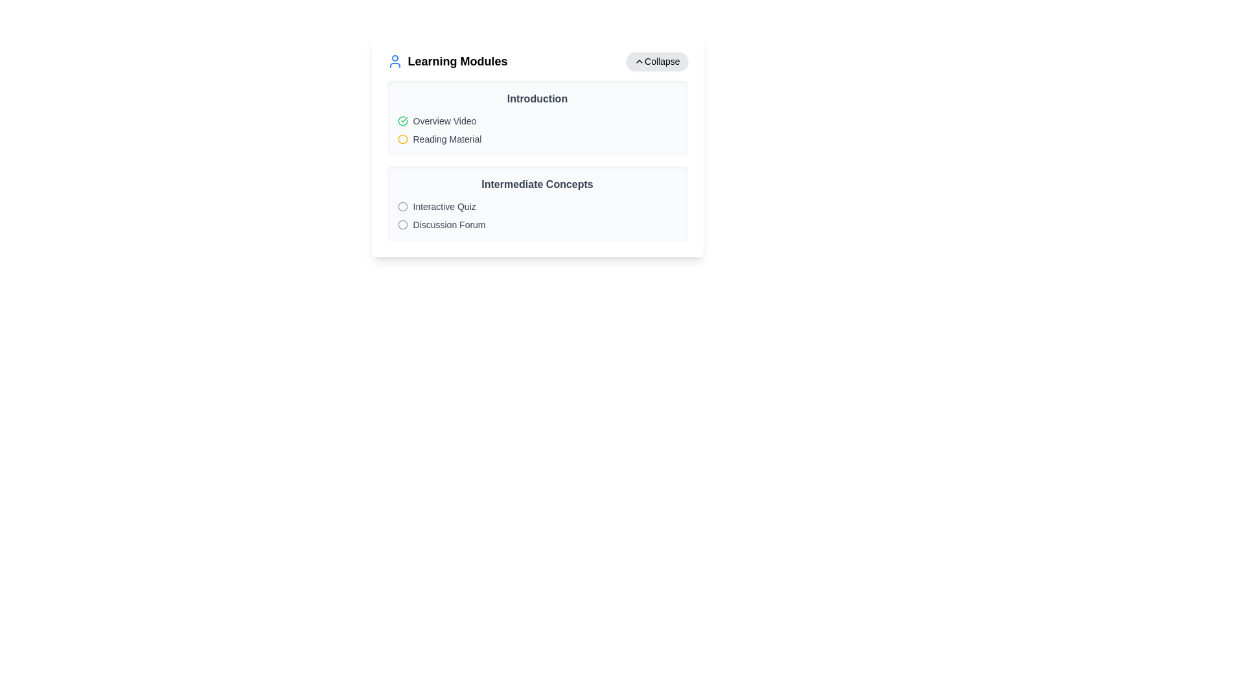 This screenshot has height=700, width=1244. I want to click on the text component labeled 'Learning Modules' which is styled with a bold font and located in the top left corner of its group, so click(447, 62).